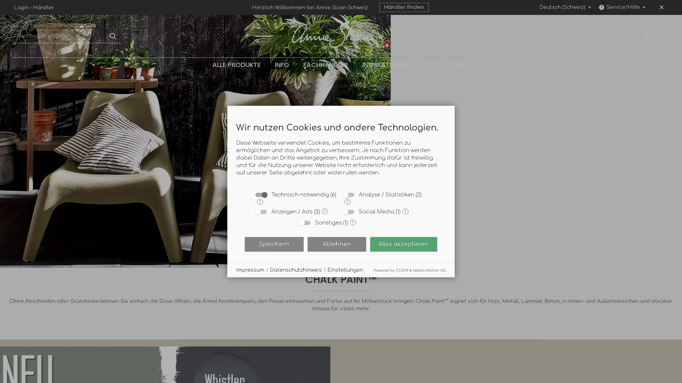 The height and width of the screenshot is (383, 682). I want to click on 'Einstellungen', so click(345, 270).